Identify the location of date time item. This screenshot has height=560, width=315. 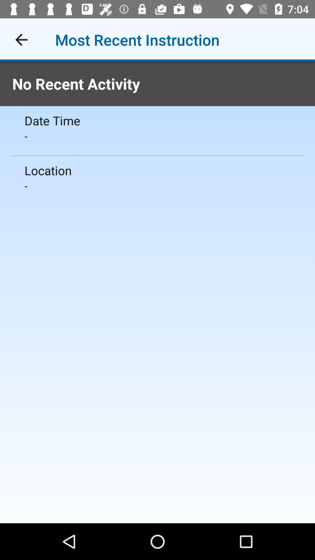
(157, 120).